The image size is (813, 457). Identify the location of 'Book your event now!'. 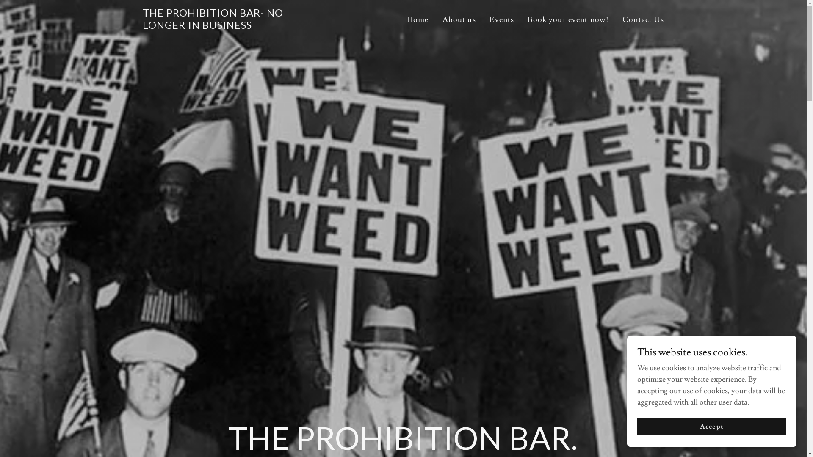
(524, 19).